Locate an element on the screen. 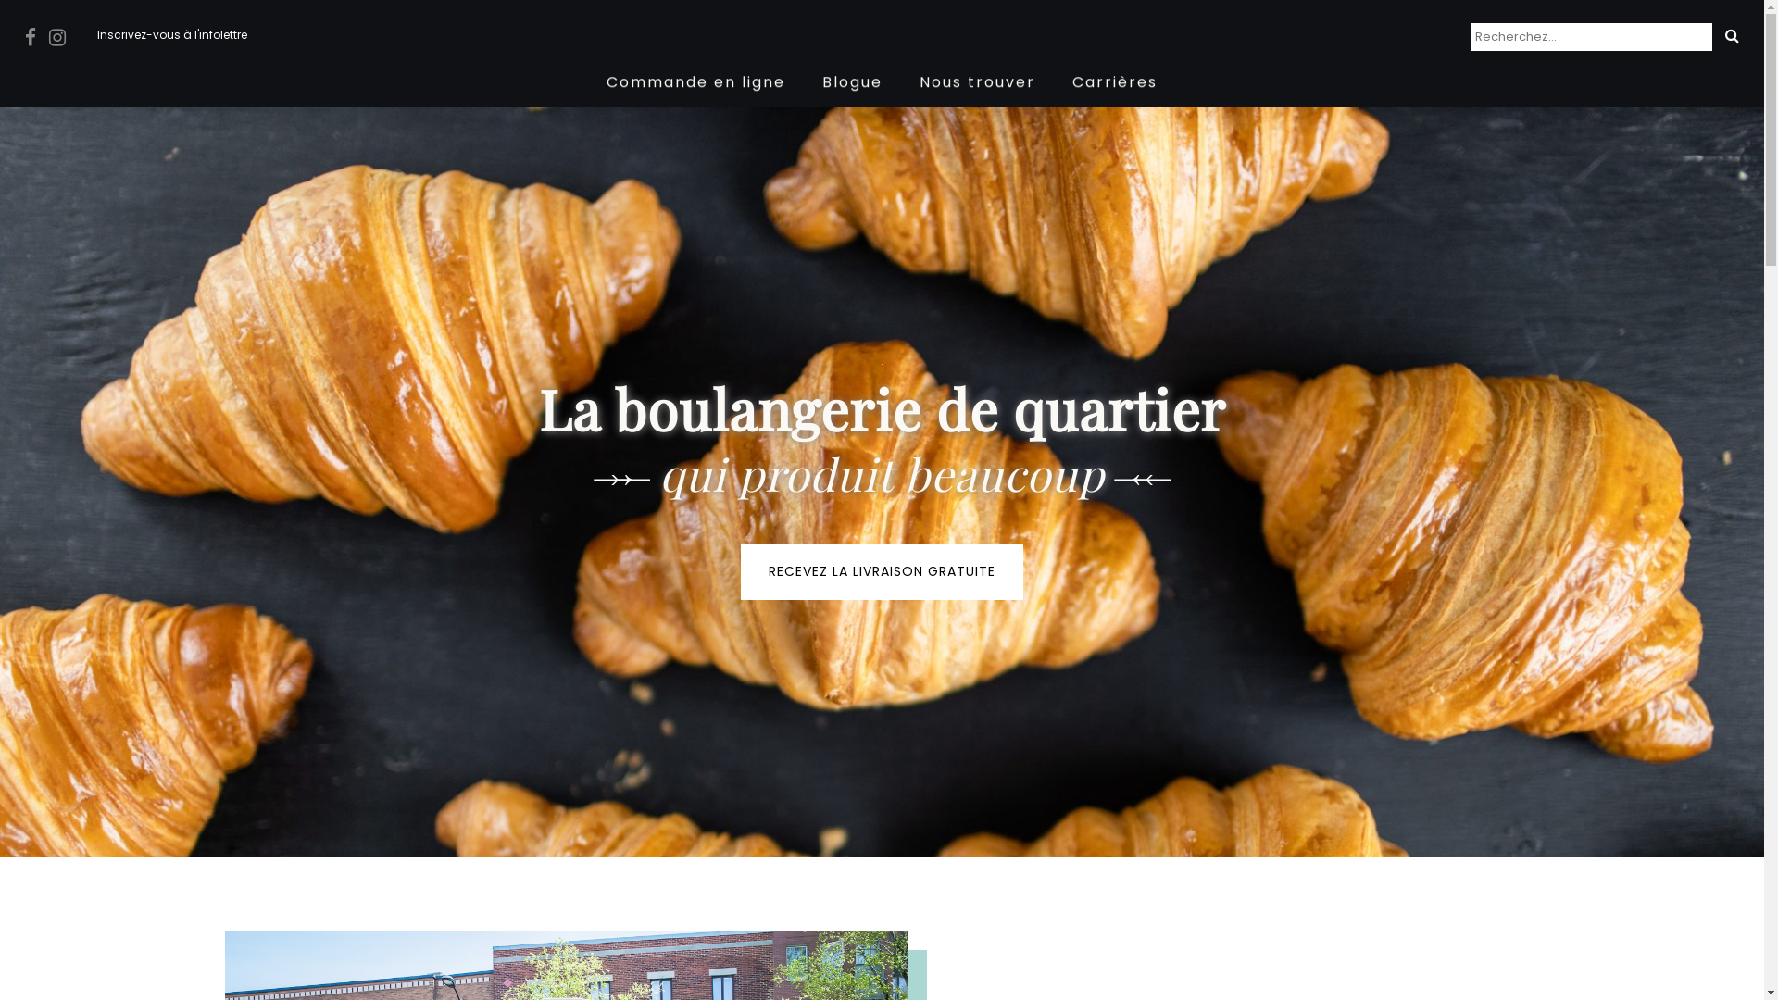 This screenshot has height=1000, width=1778. 'RECEVEZ LA LIVRAISON GRATUITE' is located at coordinates (881, 570).